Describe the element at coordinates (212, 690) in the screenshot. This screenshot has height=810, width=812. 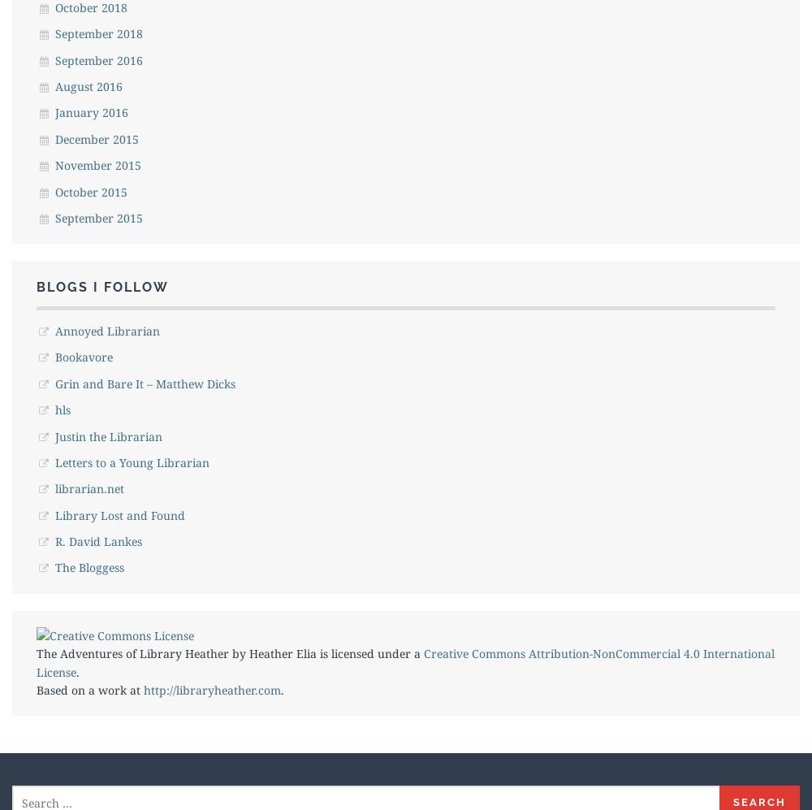
I see `'http://libraryheather.com'` at that location.